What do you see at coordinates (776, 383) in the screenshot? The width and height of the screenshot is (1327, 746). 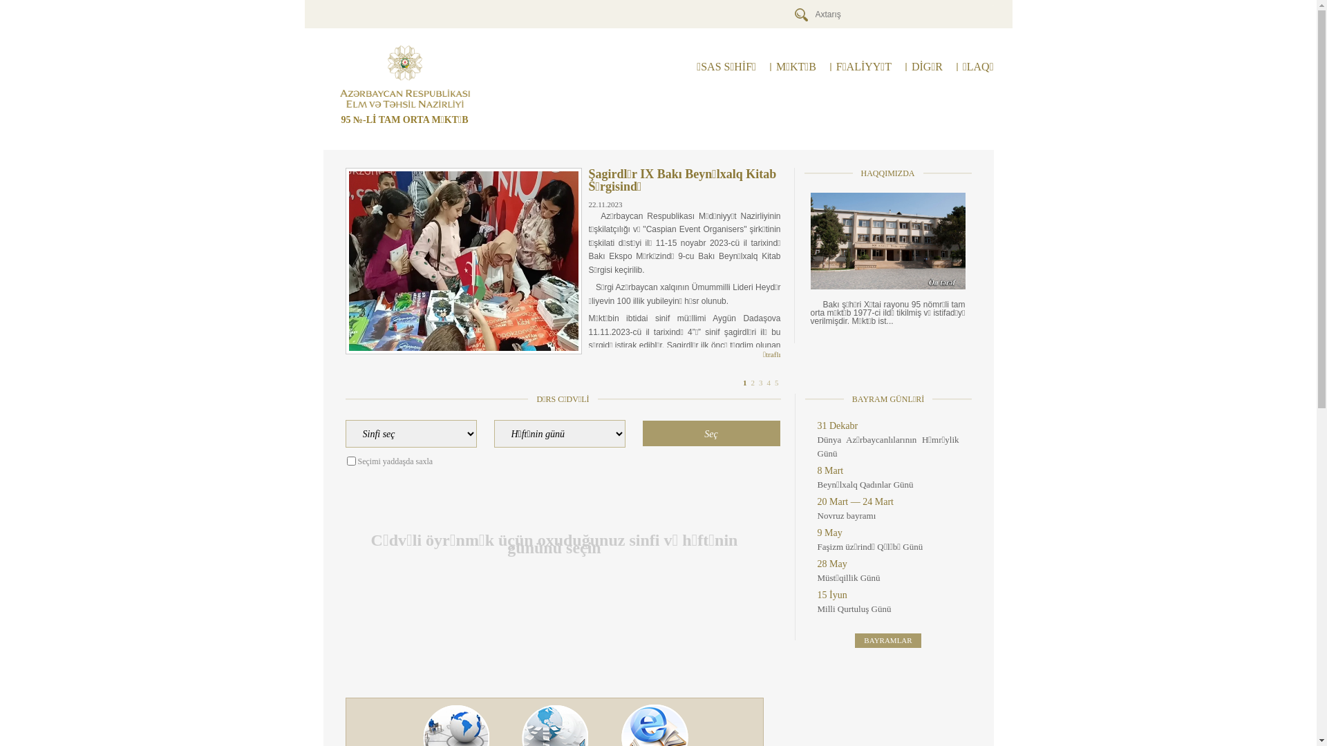 I see `'5'` at bounding box center [776, 383].